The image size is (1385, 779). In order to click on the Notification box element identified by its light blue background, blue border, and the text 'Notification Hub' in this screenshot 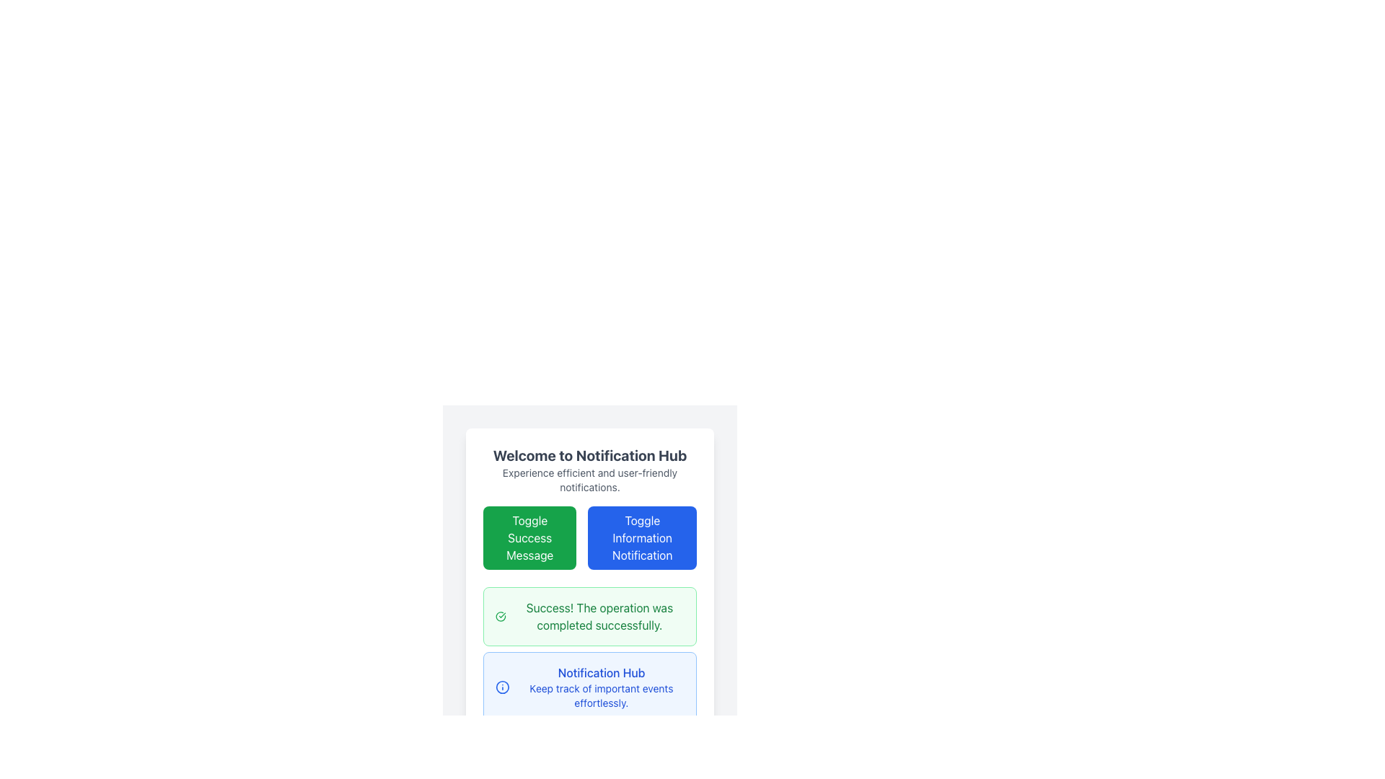, I will do `click(589, 686)`.